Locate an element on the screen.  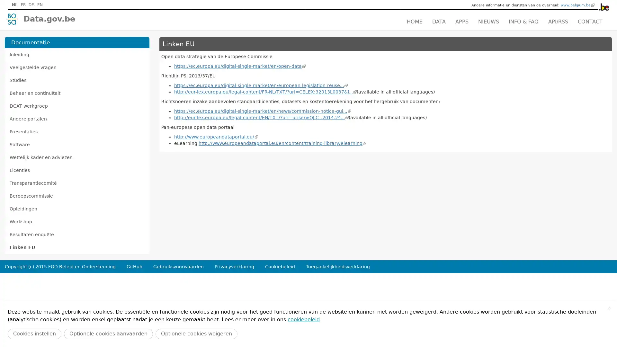
Cookies instellen is located at coordinates (34, 334).